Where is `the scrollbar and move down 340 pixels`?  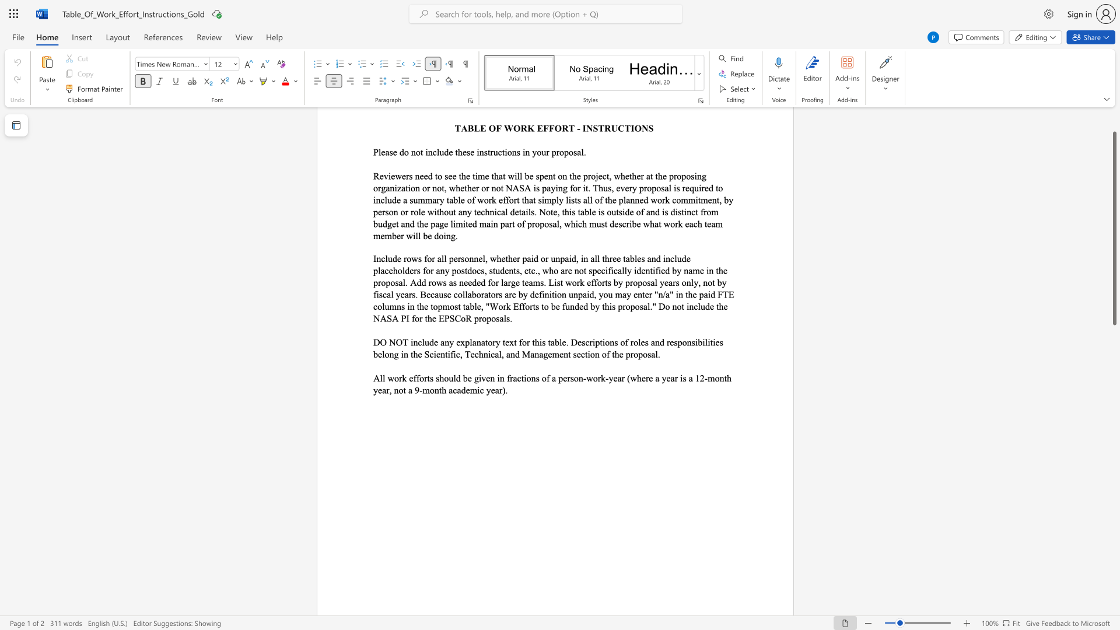
the scrollbar and move down 340 pixels is located at coordinates (1114, 228).